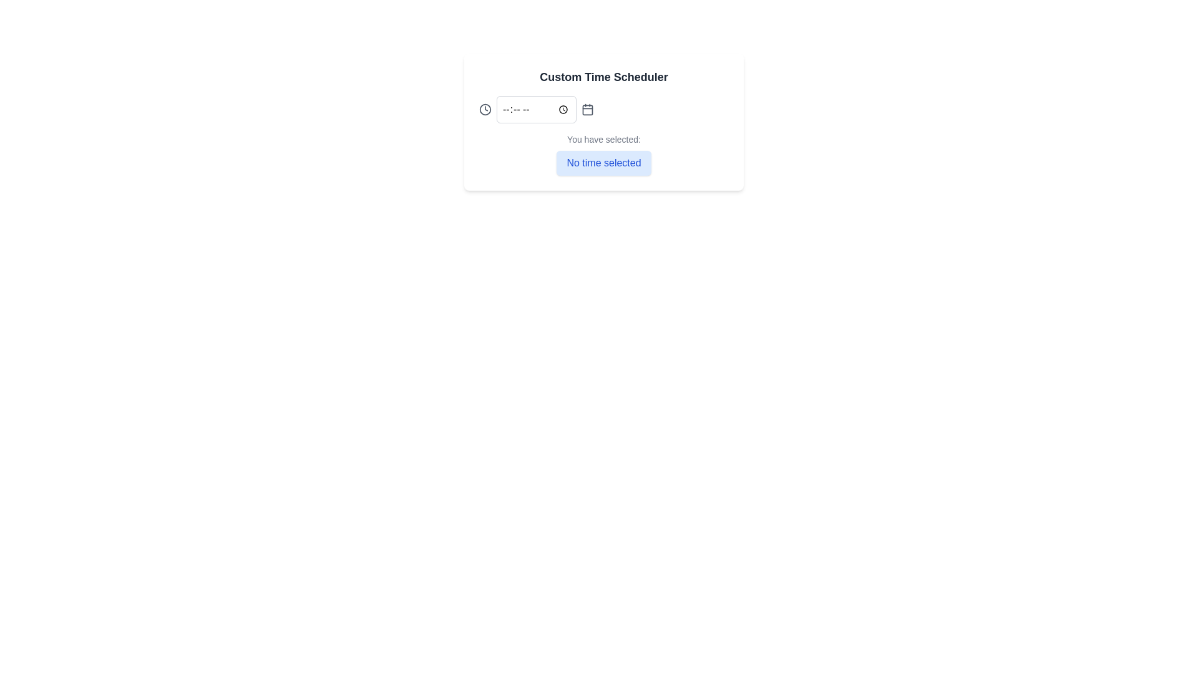  I want to click on the bold blue text label saying 'No time selected', which is centered below the 'You have selected:' label and is within a rounded box with a light blue background, so click(604, 163).